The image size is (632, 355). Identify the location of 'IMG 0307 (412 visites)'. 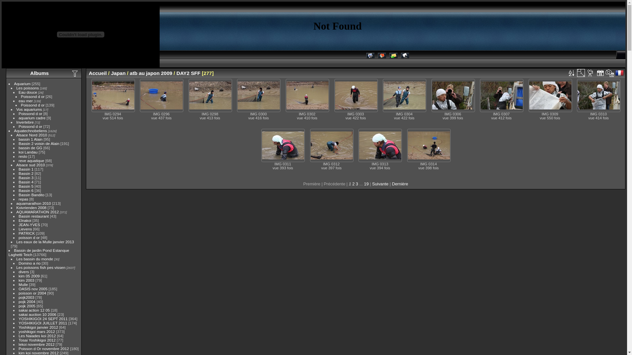
(480, 95).